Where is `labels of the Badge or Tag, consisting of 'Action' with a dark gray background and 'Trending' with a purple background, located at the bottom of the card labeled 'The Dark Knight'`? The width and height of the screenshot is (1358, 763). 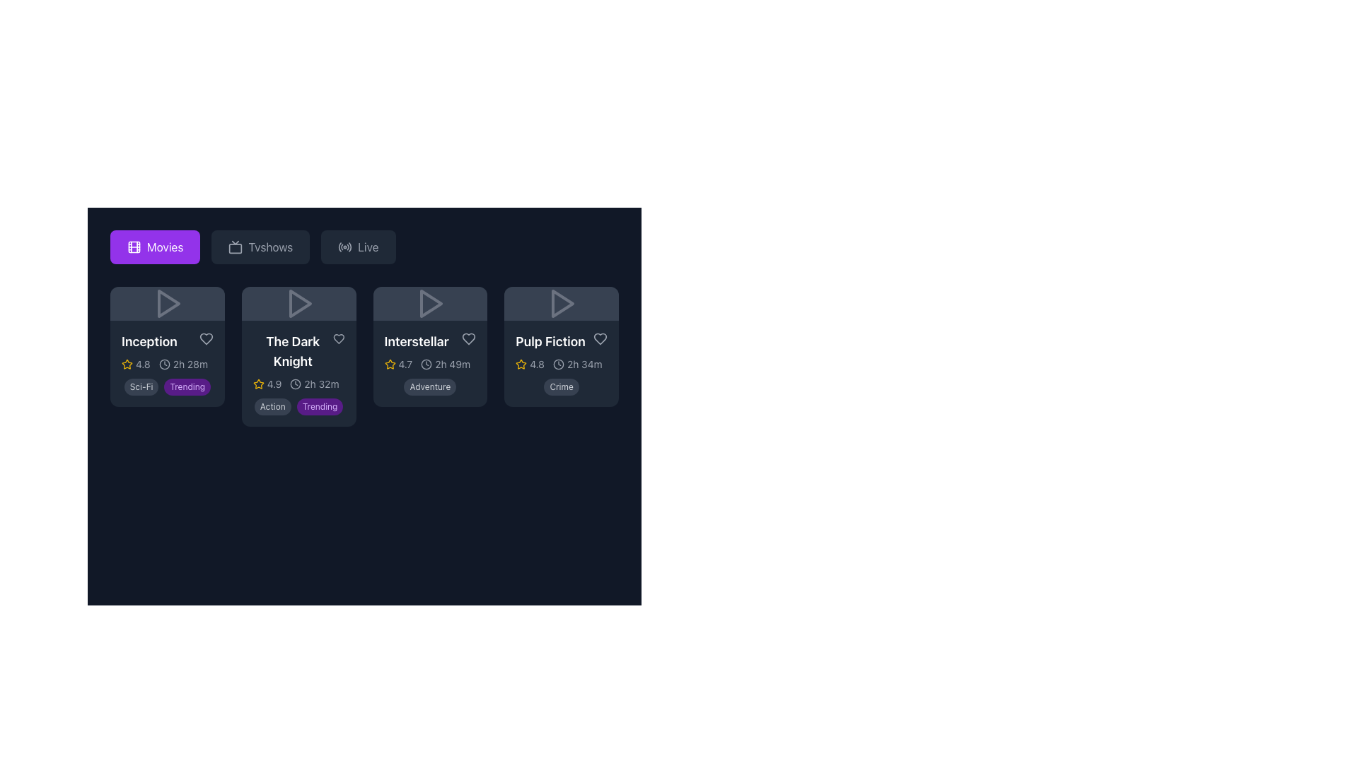 labels of the Badge or Tag, consisting of 'Action' with a dark gray background and 'Trending' with a purple background, located at the bottom of the card labeled 'The Dark Knight' is located at coordinates (298, 406).